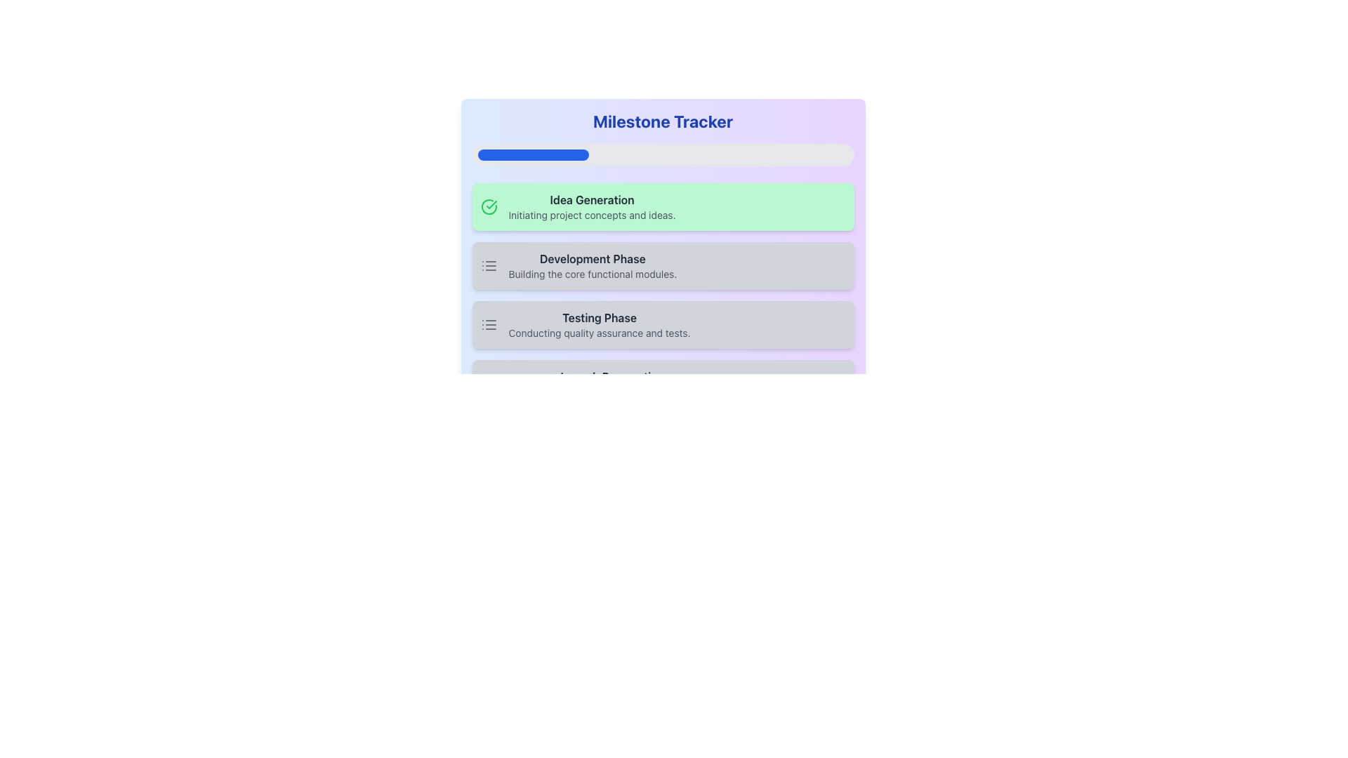  I want to click on the Text Label titled 'Testing Phase' which indicates the name of a project stage, so click(600, 317).